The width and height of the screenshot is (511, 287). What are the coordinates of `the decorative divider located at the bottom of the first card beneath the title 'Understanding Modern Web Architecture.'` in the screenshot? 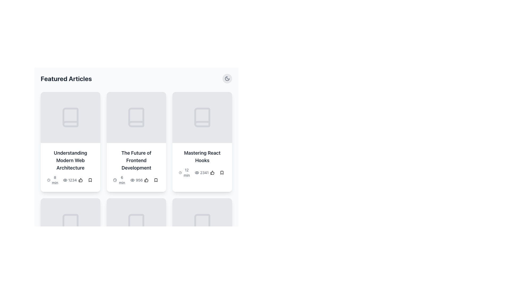 It's located at (70, 142).